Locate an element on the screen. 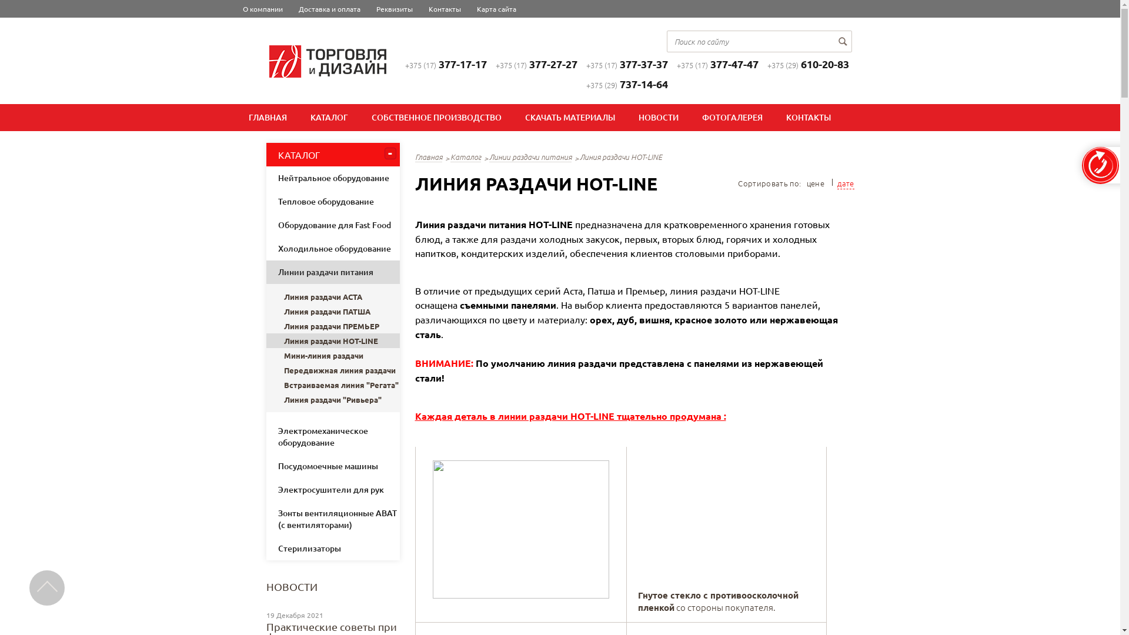  '+375 (17)377-17-17' is located at coordinates (445, 65).